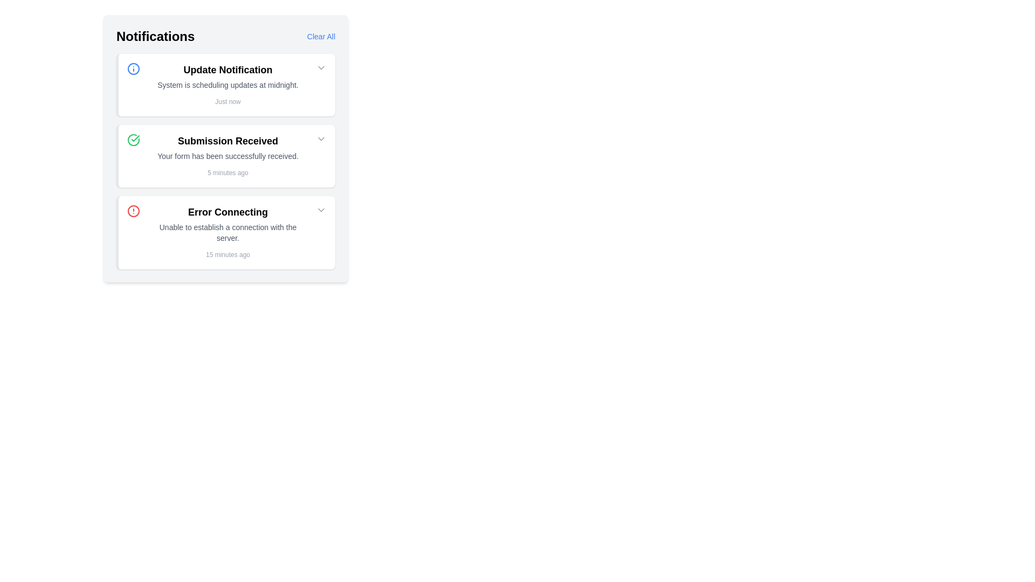  What do you see at coordinates (227, 102) in the screenshot?
I see `the timestamp text label located at the bottom-right of the 'Update Notification' card, which indicates when the notification was generated or last updated` at bounding box center [227, 102].